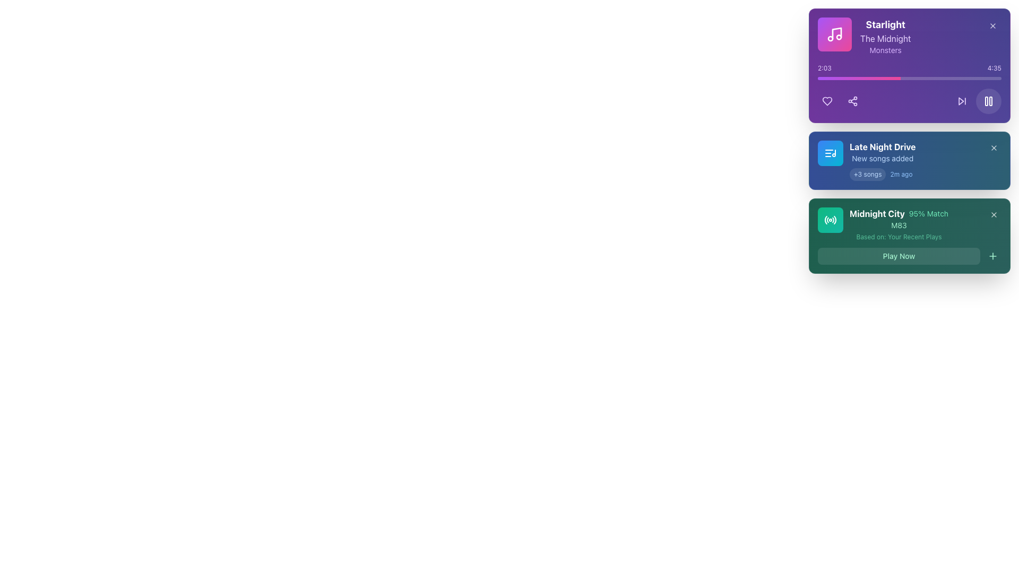  I want to click on the favorite button located in the bottom-left corner of the first card, adjacent to the share icon, so click(827, 101).